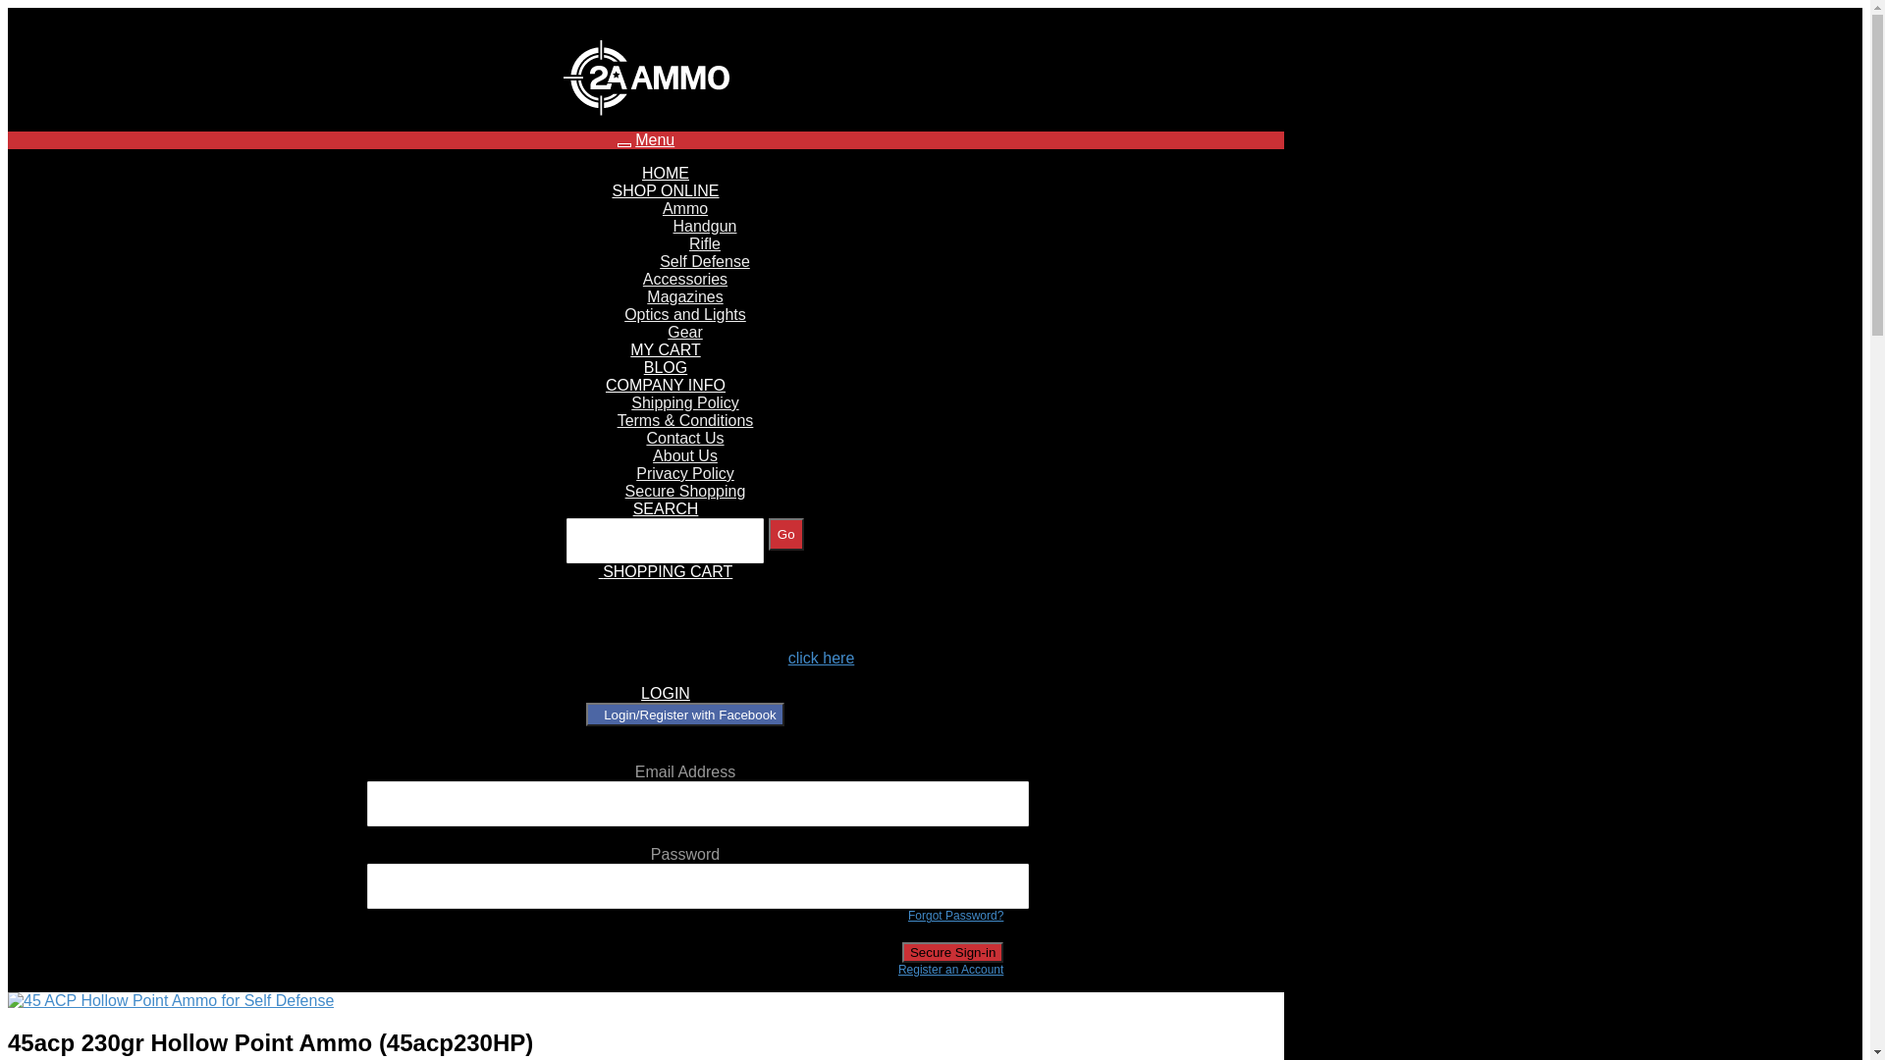 The width and height of the screenshot is (1885, 1060). What do you see at coordinates (665, 367) in the screenshot?
I see `'BLOG'` at bounding box center [665, 367].